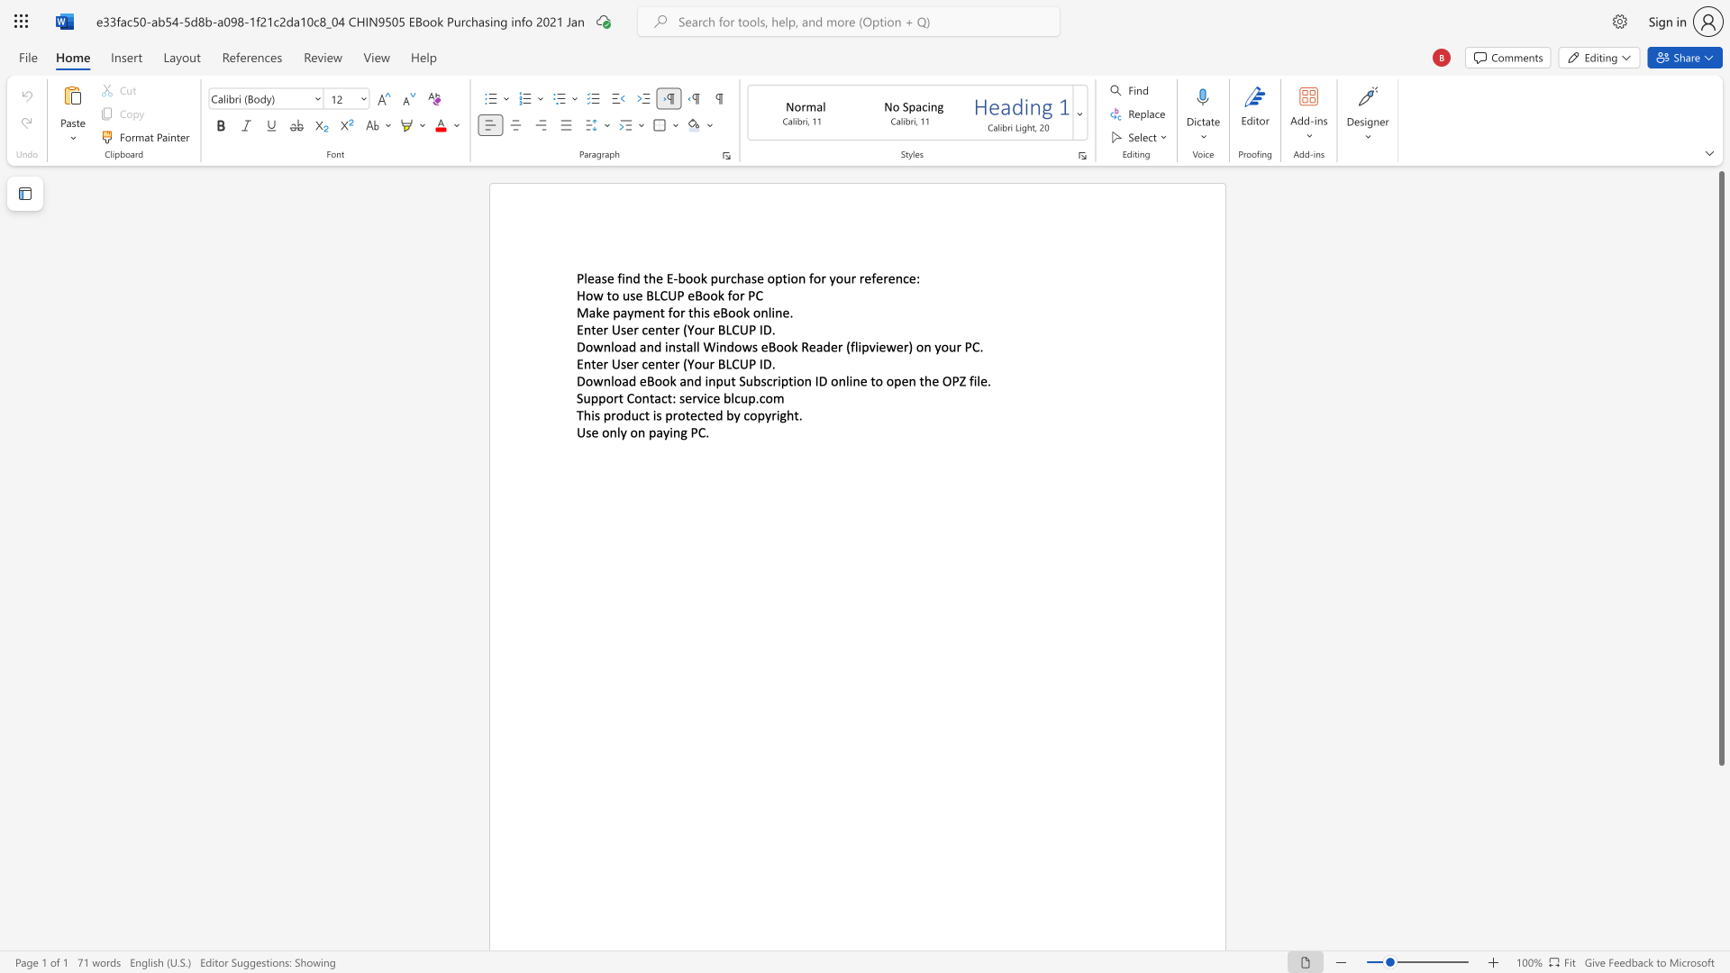  What do you see at coordinates (1720, 900) in the screenshot?
I see `the scrollbar to move the view down` at bounding box center [1720, 900].